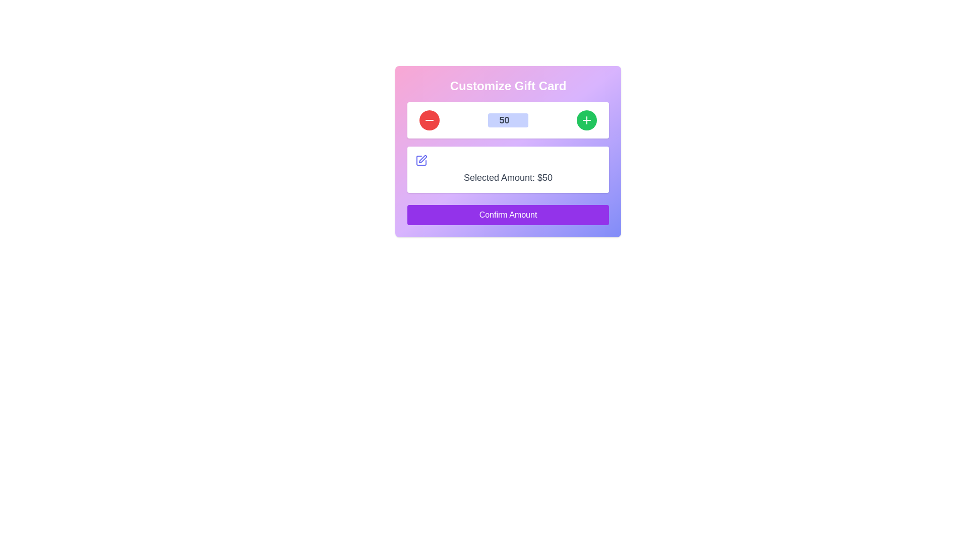 Image resolution: width=968 pixels, height=544 pixels. I want to click on the leftmost button in the 'Customize Gift Card' section to decrement the numerical value displayed, which is currently '50', so click(429, 120).